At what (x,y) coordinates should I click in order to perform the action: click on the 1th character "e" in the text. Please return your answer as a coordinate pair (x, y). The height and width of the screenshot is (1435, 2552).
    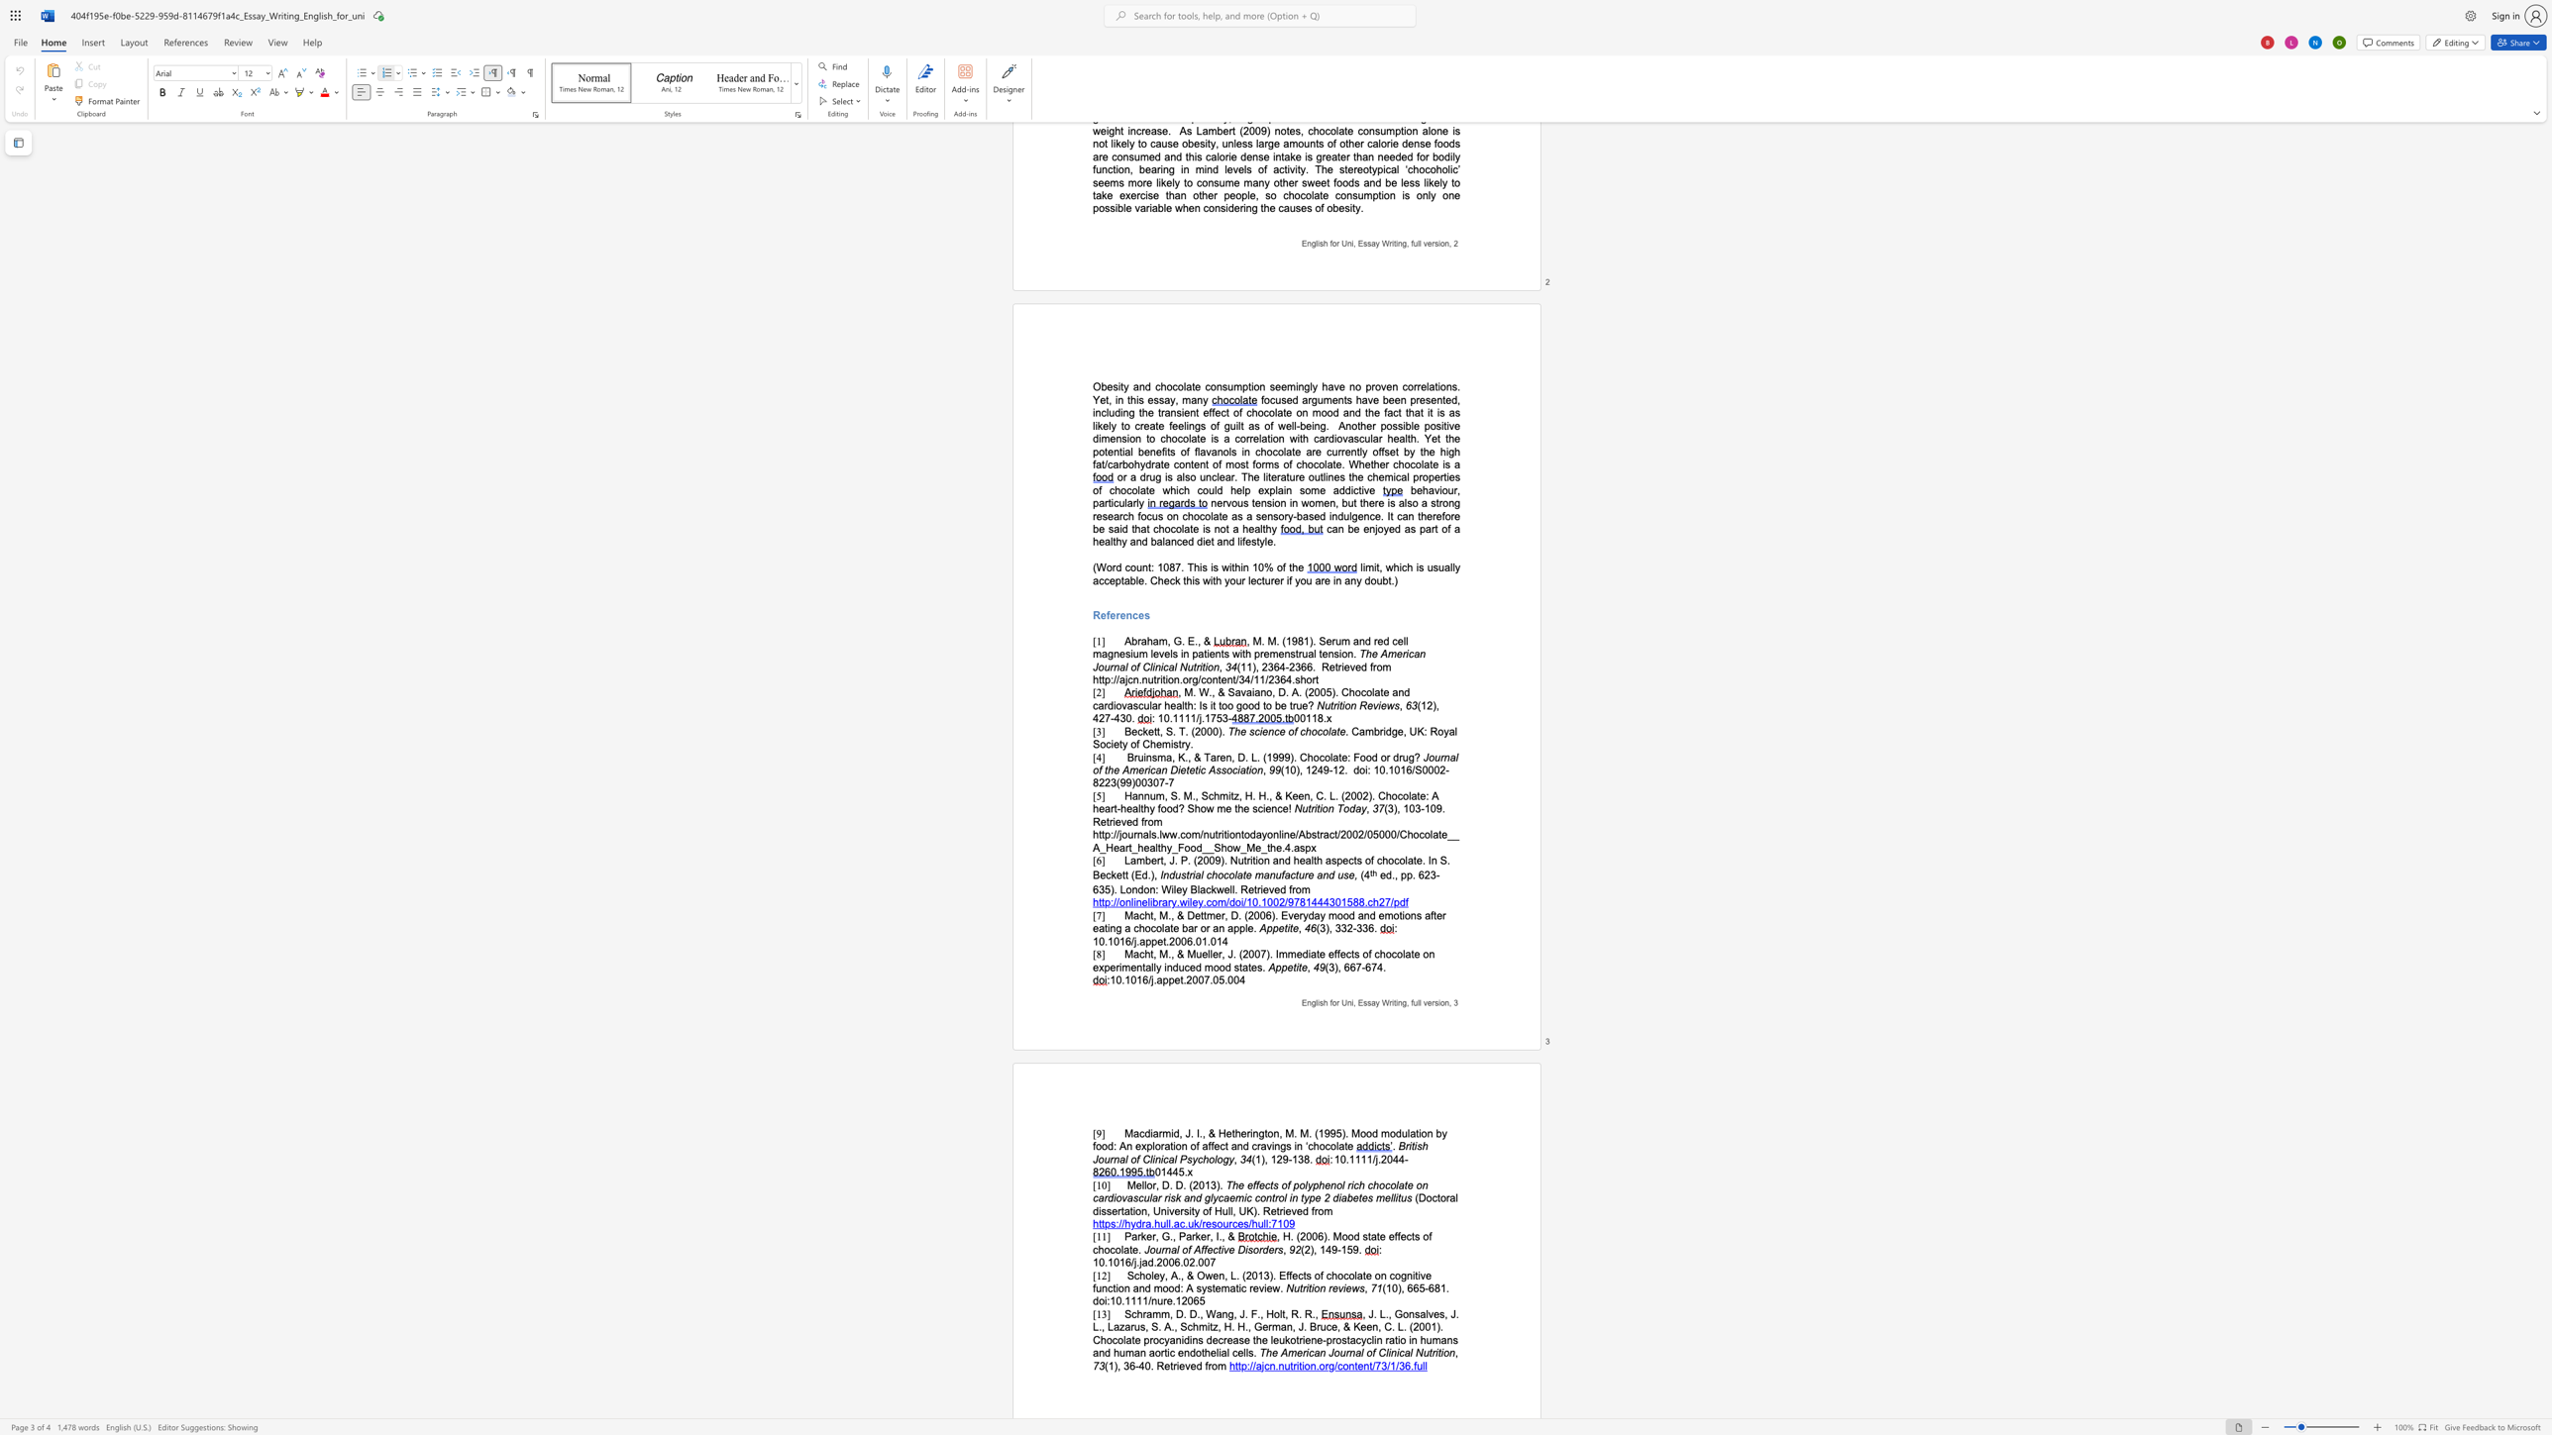
    Looking at the image, I should click on (1197, 914).